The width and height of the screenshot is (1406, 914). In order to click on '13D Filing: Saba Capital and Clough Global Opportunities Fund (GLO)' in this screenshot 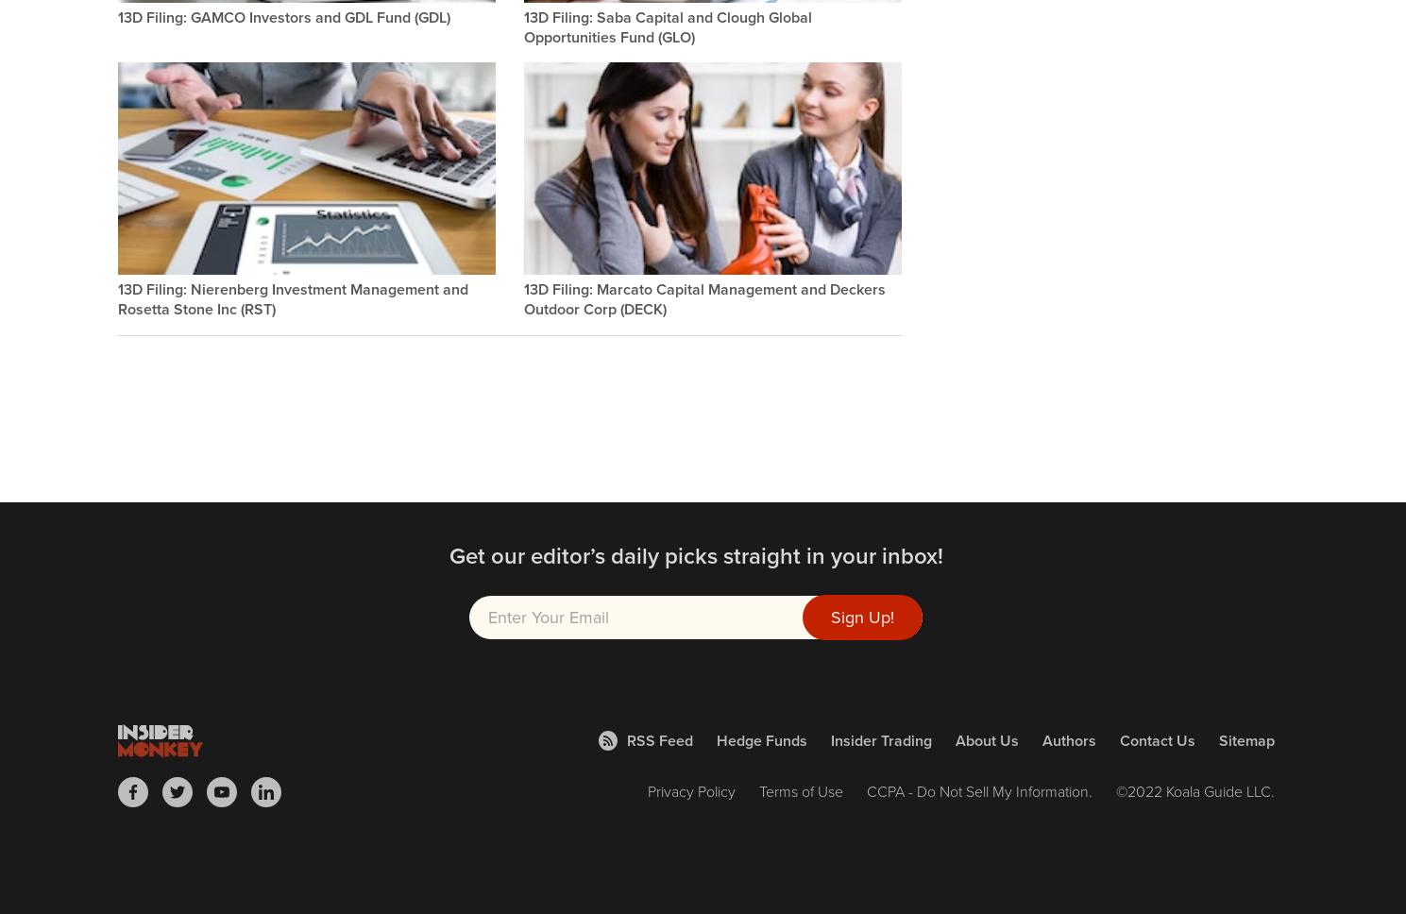, I will do `click(666, 25)`.